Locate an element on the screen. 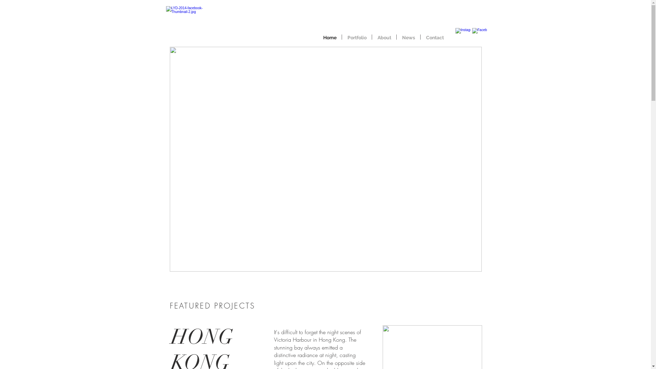 This screenshot has height=369, width=656. 'Portfolio' is located at coordinates (356, 37).